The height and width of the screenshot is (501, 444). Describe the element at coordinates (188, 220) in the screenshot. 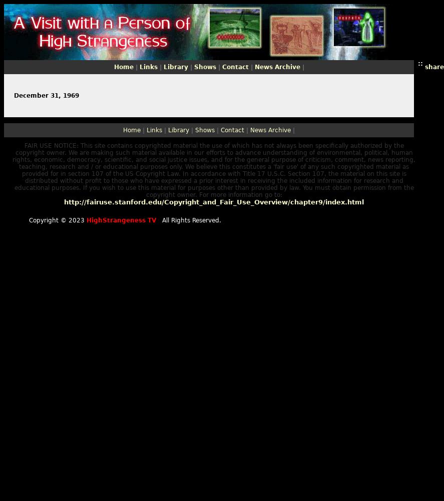

I see `'All Rights Reserved.'` at that location.